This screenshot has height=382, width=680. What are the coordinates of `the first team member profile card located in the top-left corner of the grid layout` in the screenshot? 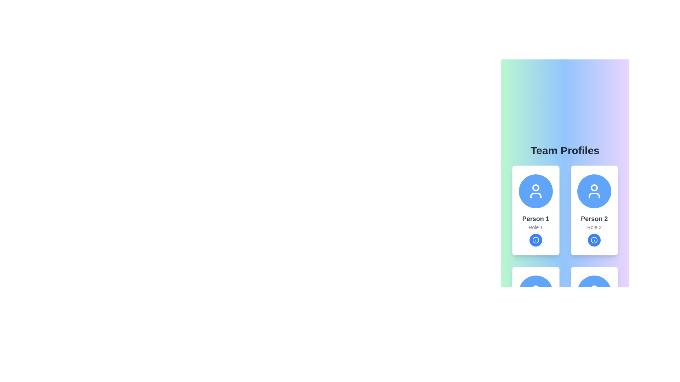 It's located at (535, 210).